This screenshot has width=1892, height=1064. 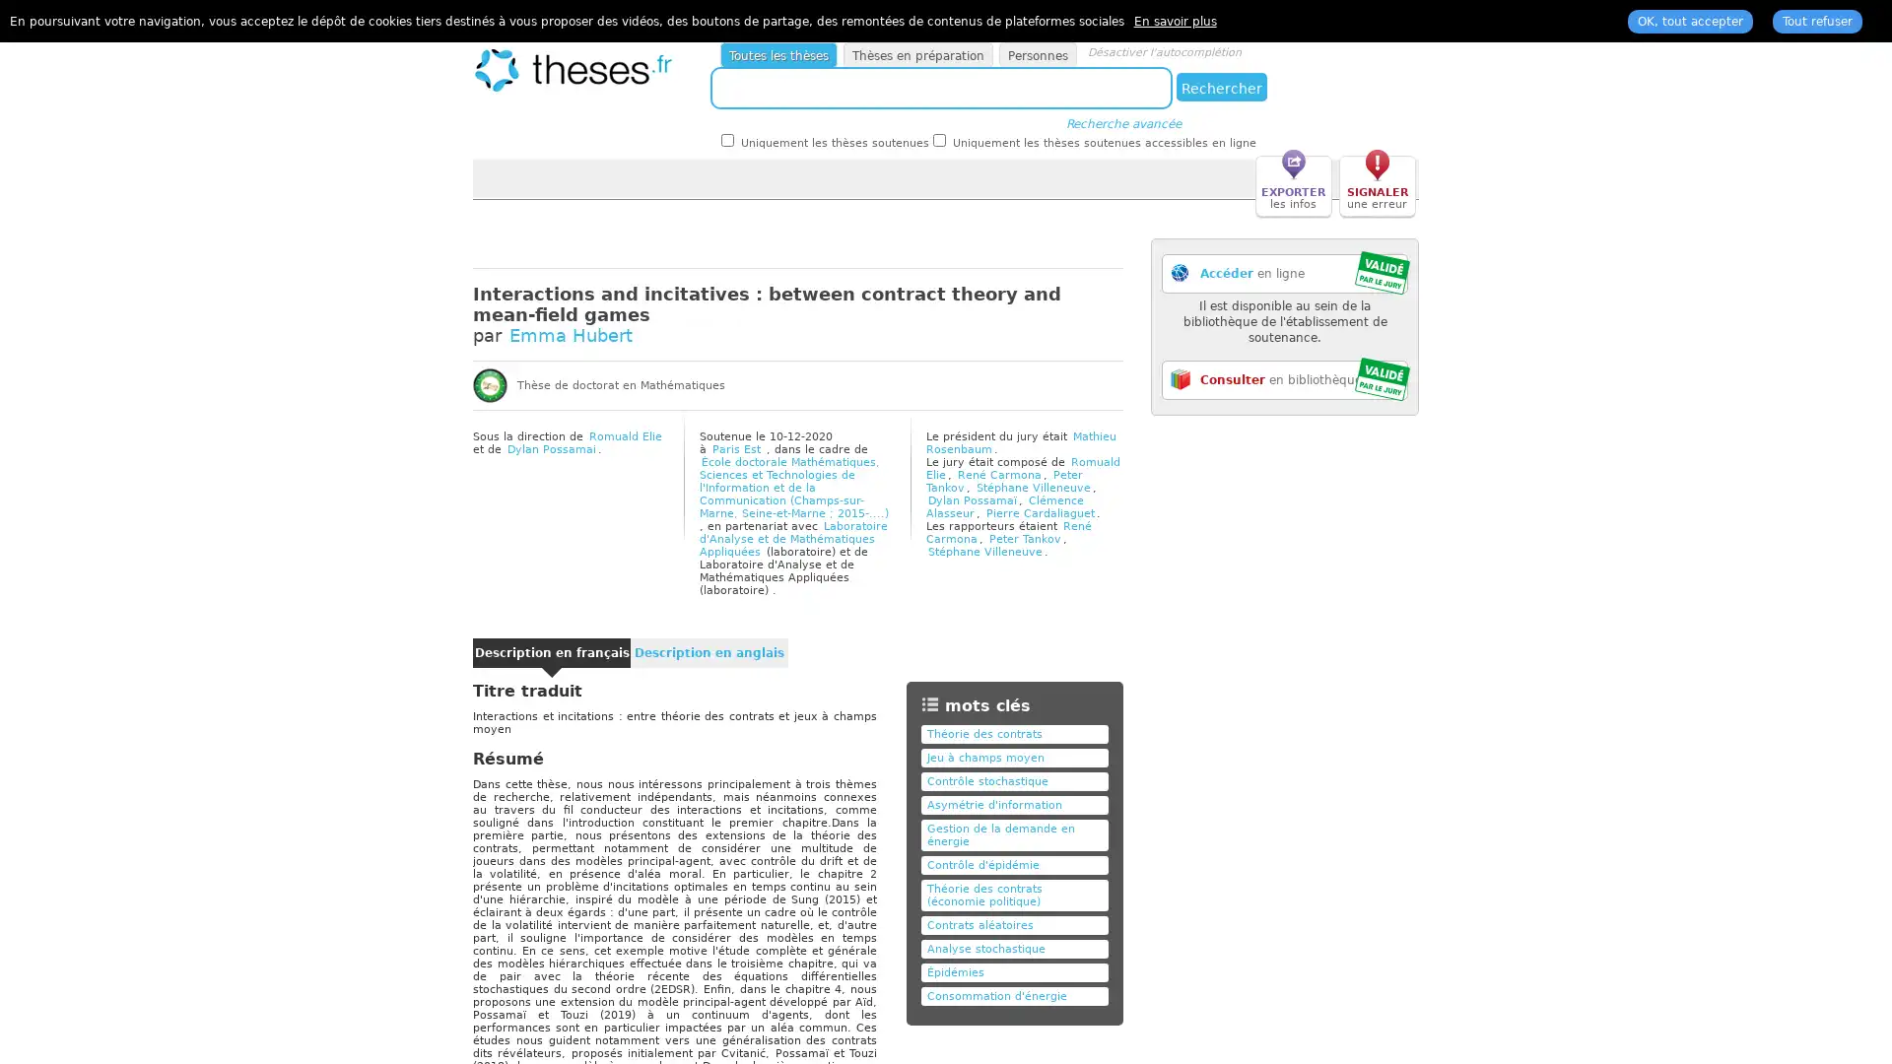 What do you see at coordinates (1220, 86) in the screenshot?
I see `Rechercher` at bounding box center [1220, 86].